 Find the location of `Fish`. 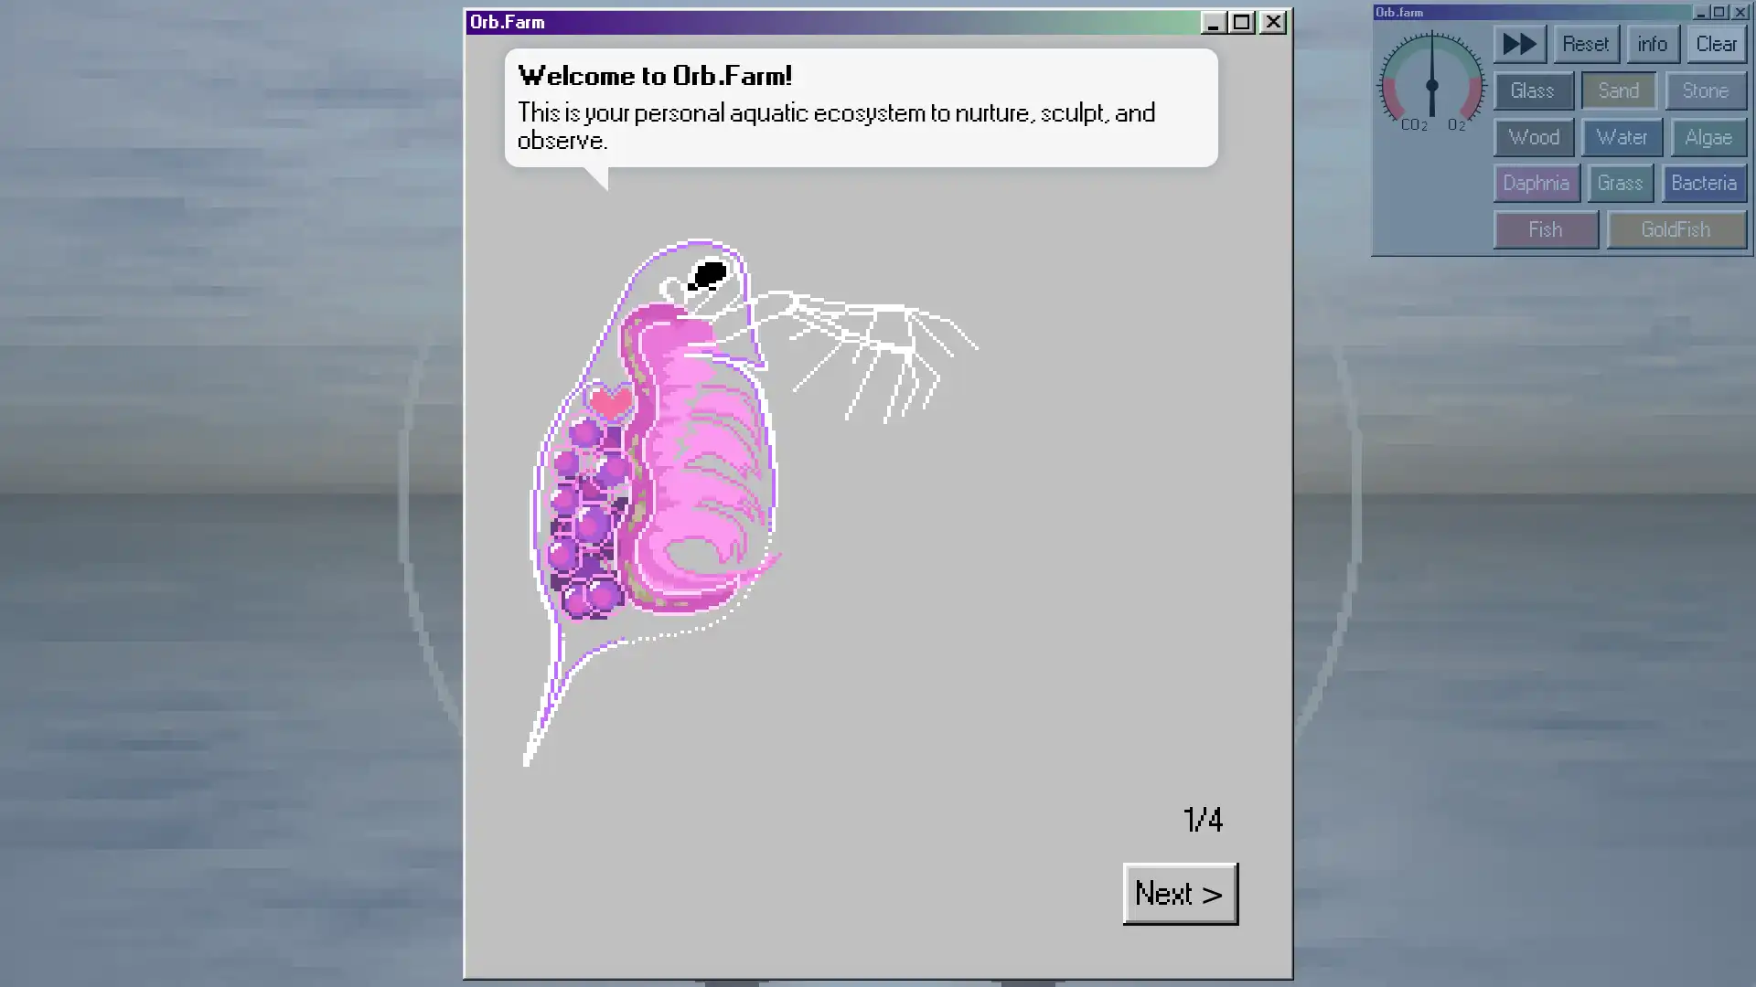

Fish is located at coordinates (823, 122).